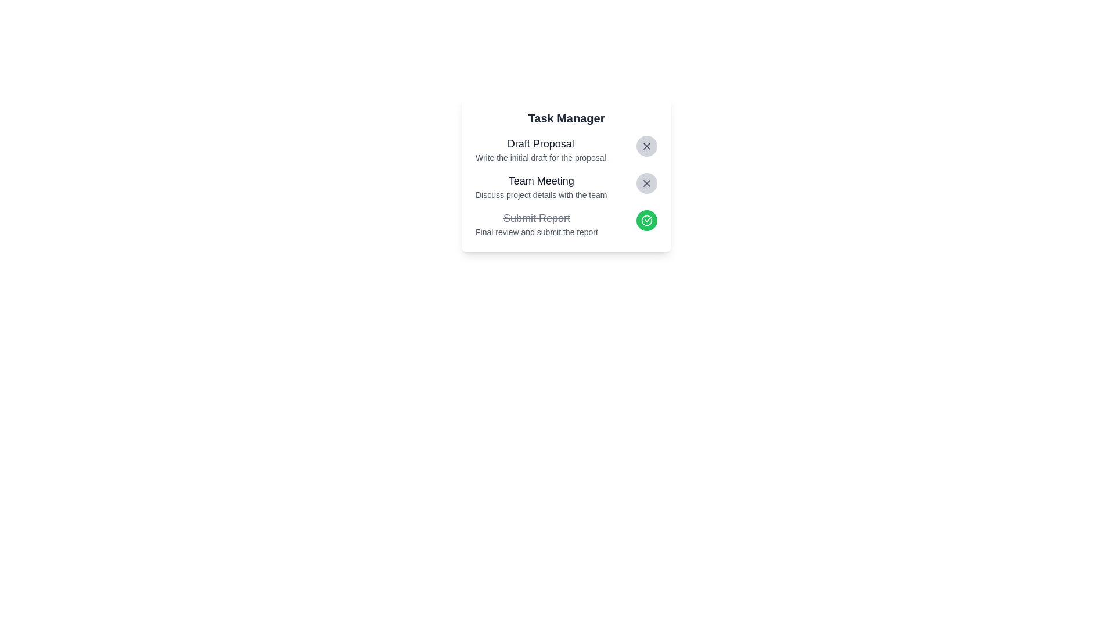  Describe the element at coordinates (646, 145) in the screenshot. I see `the cancel icon button for the 'Draft Proposal' task` at that location.